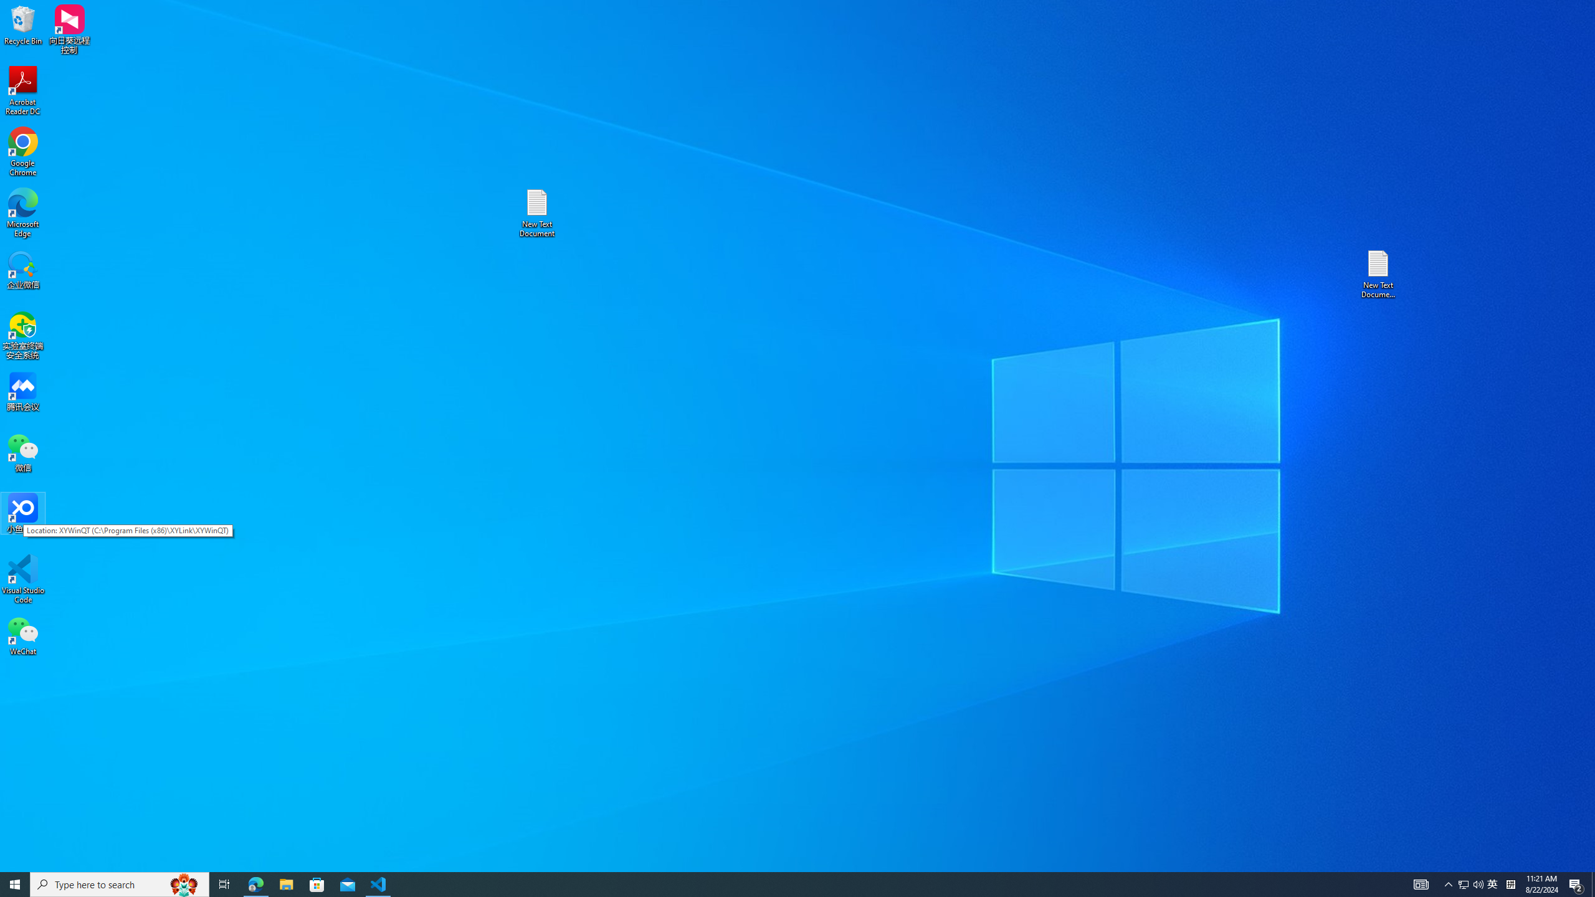  What do you see at coordinates (317, 883) in the screenshot?
I see `'Microsoft Store'` at bounding box center [317, 883].